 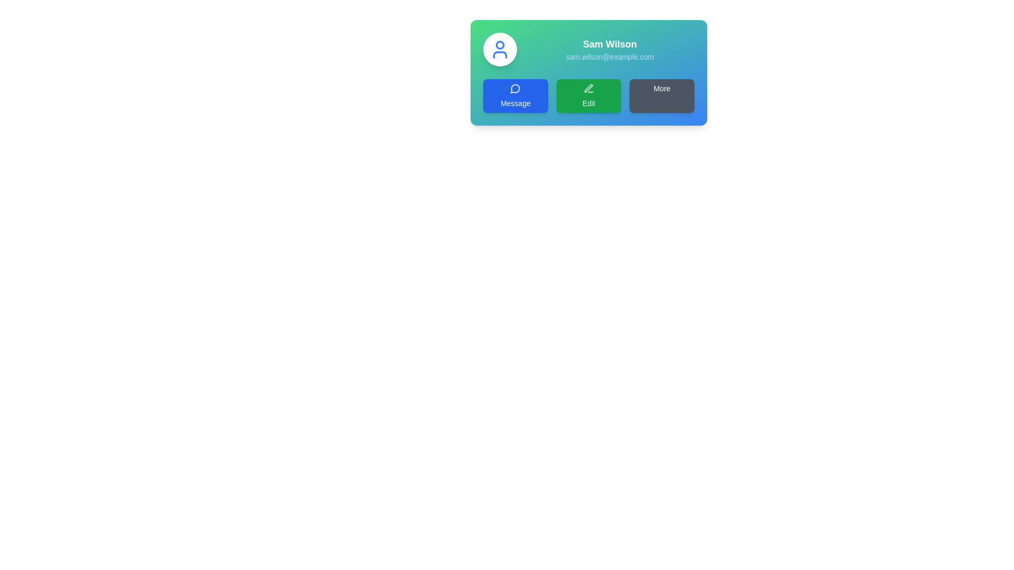 I want to click on the user icon shape located in the profile section, positioned below the head component of the icon, so click(x=499, y=55).